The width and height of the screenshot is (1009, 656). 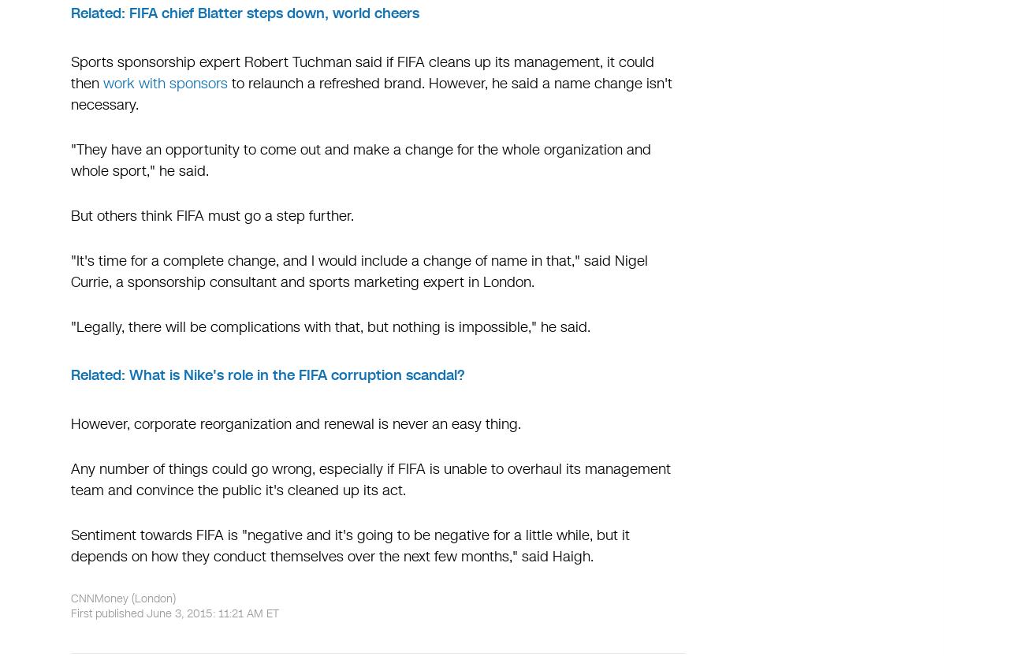 What do you see at coordinates (174, 613) in the screenshot?
I see `'First published June 3, 2015: 11:21 AM ET'` at bounding box center [174, 613].